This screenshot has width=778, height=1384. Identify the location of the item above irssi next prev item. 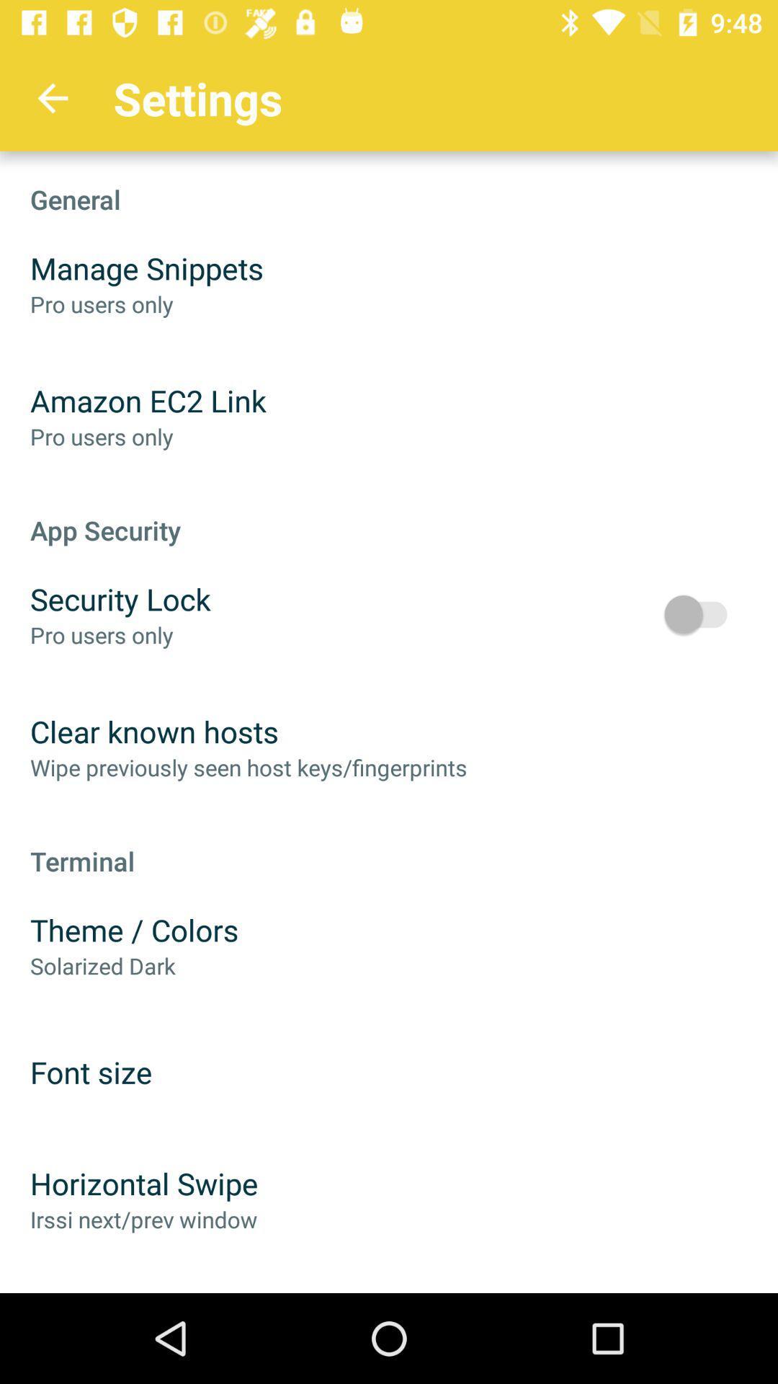
(144, 1183).